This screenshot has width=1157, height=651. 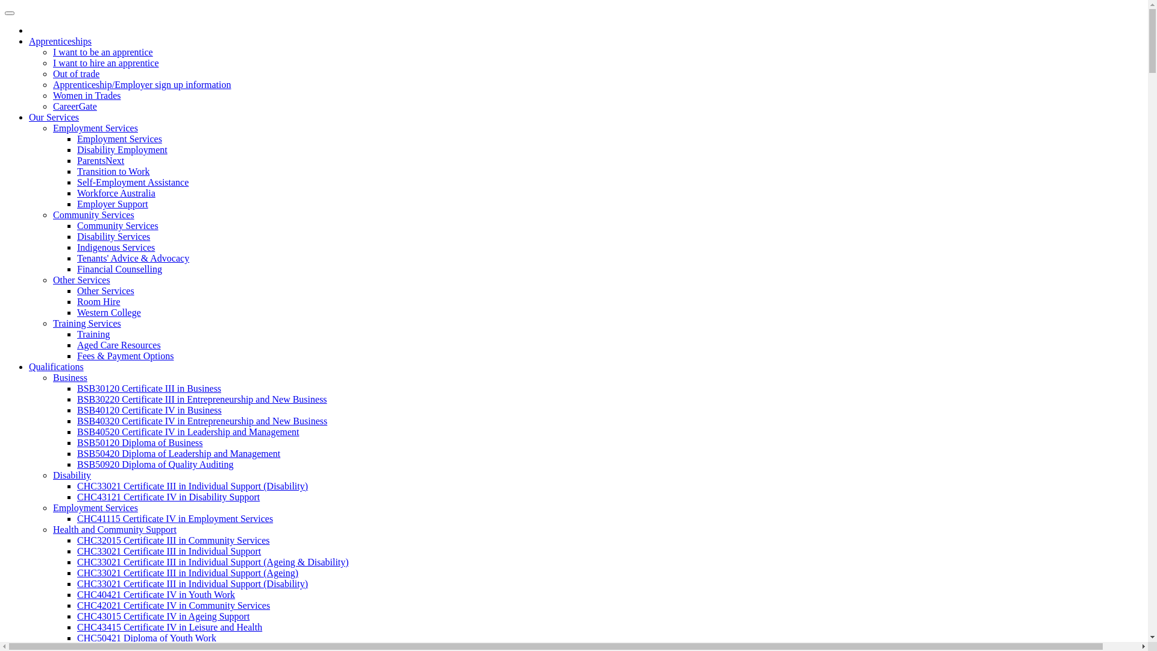 I want to click on 'I want to be an apprentice', so click(x=52, y=51).